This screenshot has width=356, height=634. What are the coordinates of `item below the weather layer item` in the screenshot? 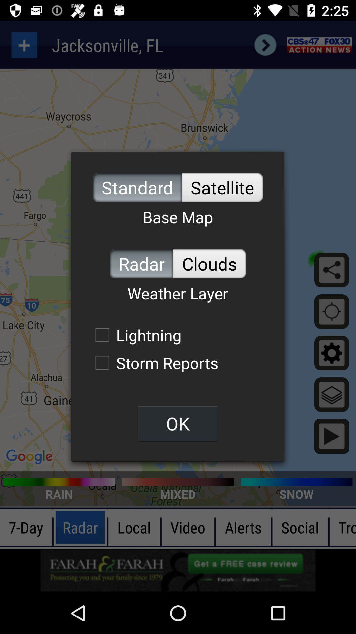 It's located at (134, 335).